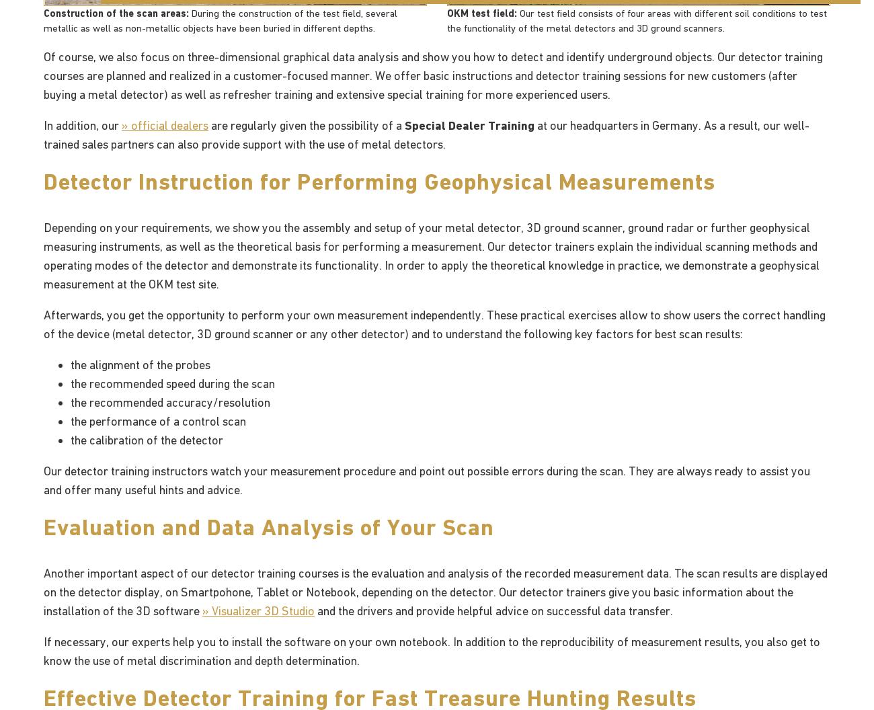 This screenshot has height=710, width=874. What do you see at coordinates (169, 124) in the screenshot?
I see `'official dealers'` at bounding box center [169, 124].